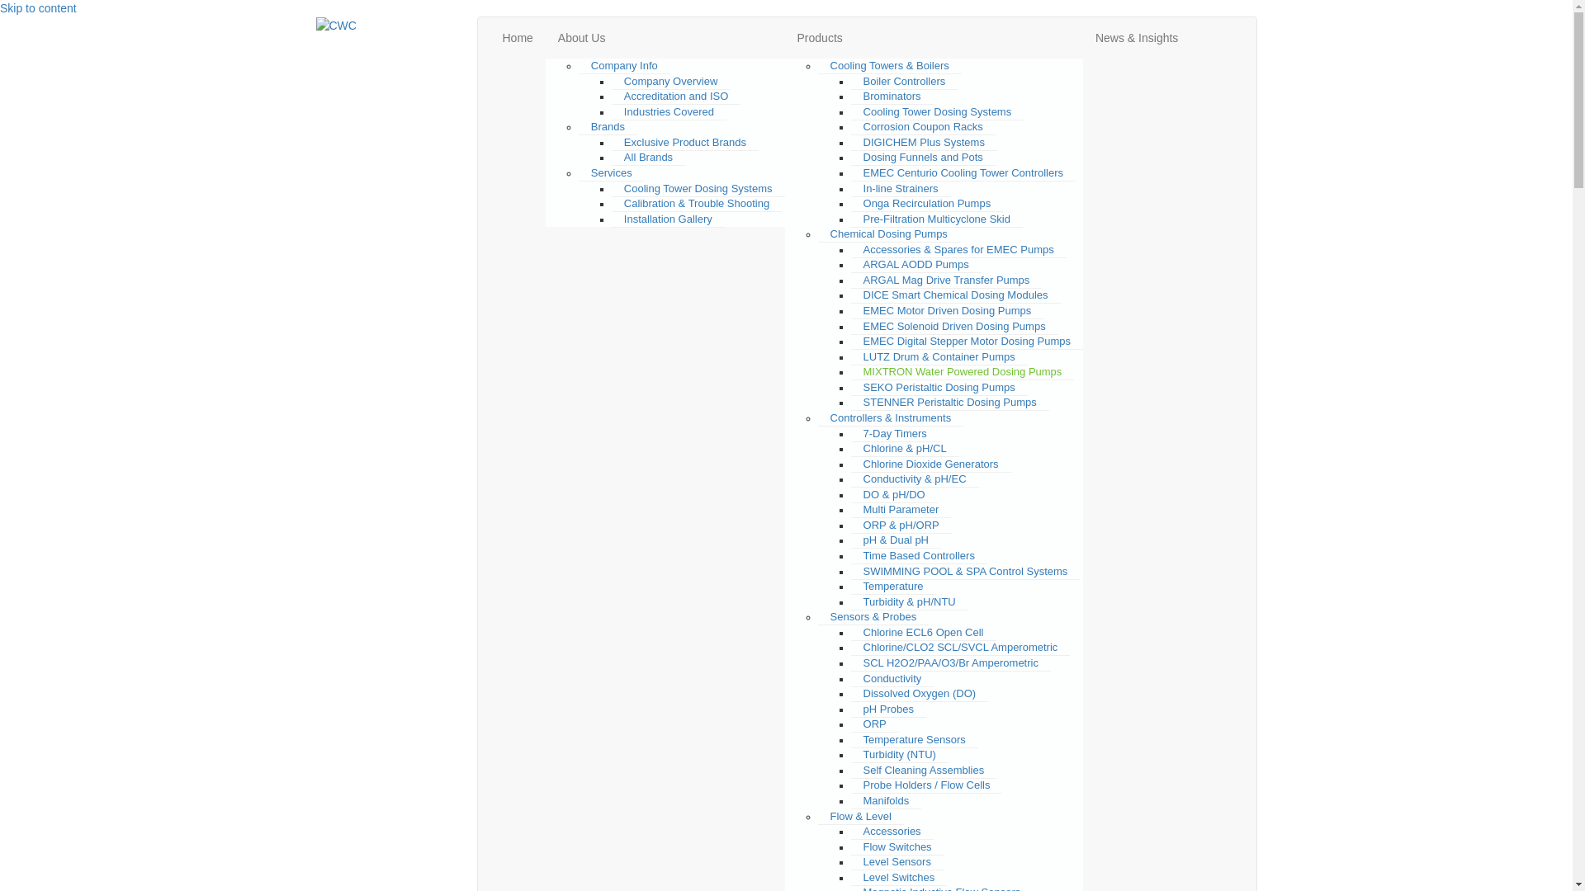  I want to click on 'Calibration & Trouble Shooting', so click(697, 202).